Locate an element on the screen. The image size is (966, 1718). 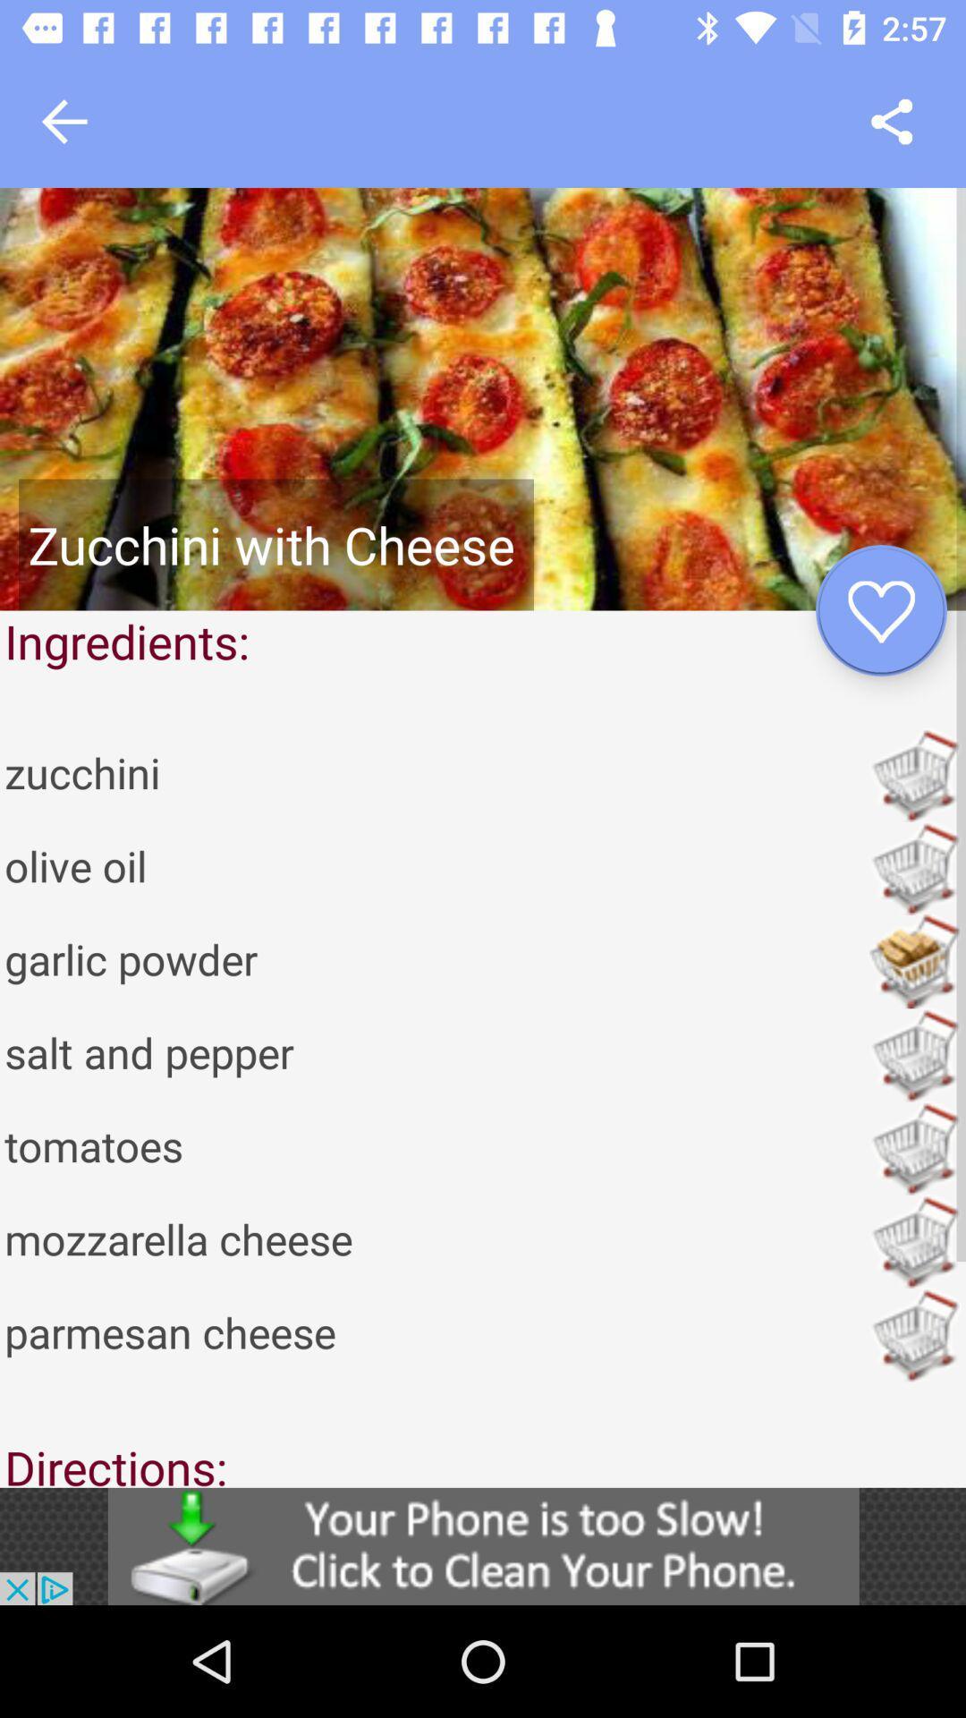
this is an interactive advertisement is located at coordinates (483, 1545).